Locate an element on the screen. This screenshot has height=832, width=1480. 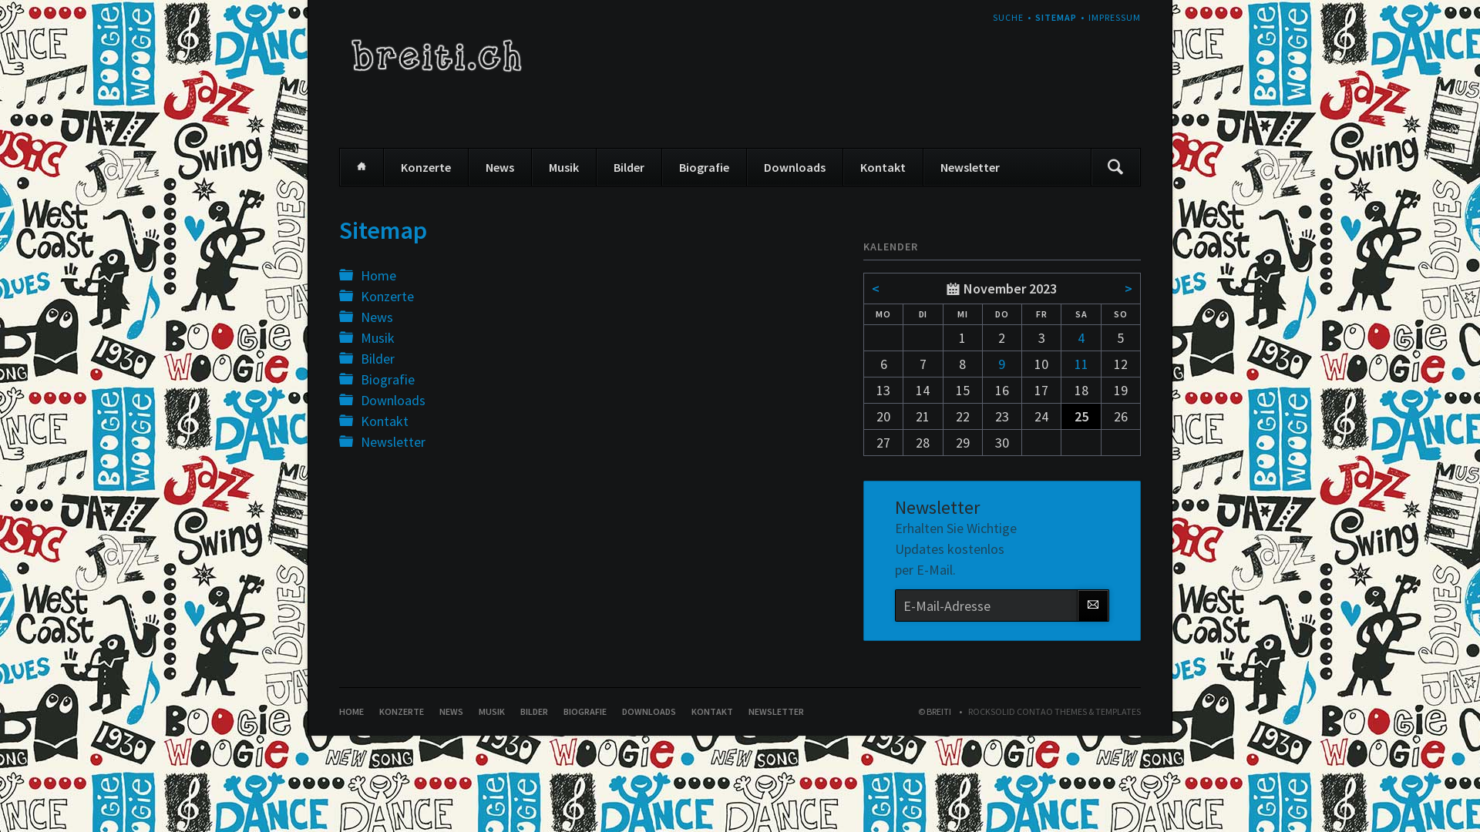
'Abonnieren' is located at coordinates (1091, 605).